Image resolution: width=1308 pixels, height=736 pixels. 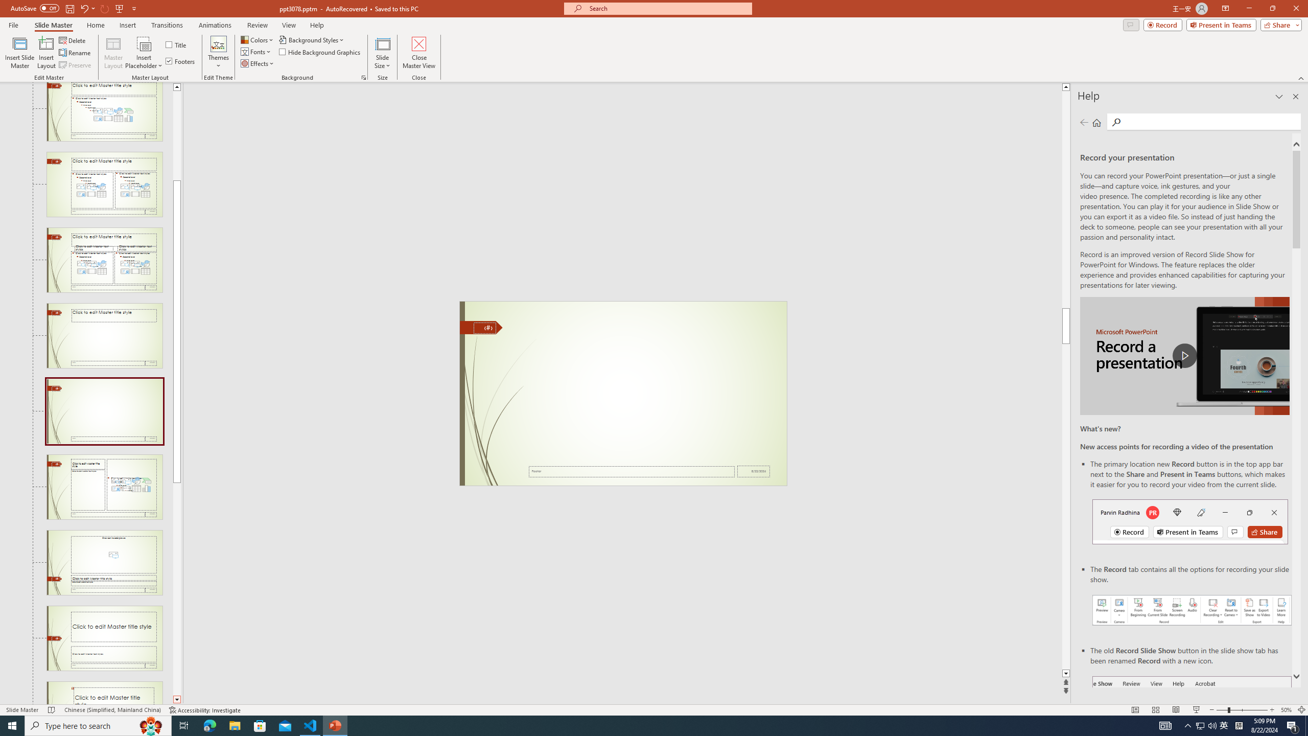 What do you see at coordinates (1192, 609) in the screenshot?
I see `'Record your presentations screenshot one'` at bounding box center [1192, 609].